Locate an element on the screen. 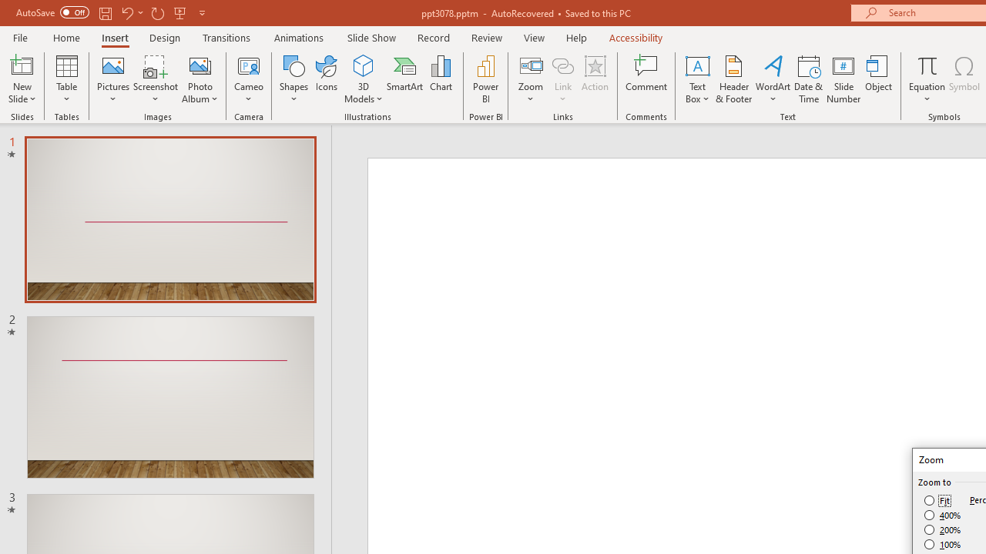 Image resolution: width=986 pixels, height=554 pixels. '400%' is located at coordinates (942, 515).